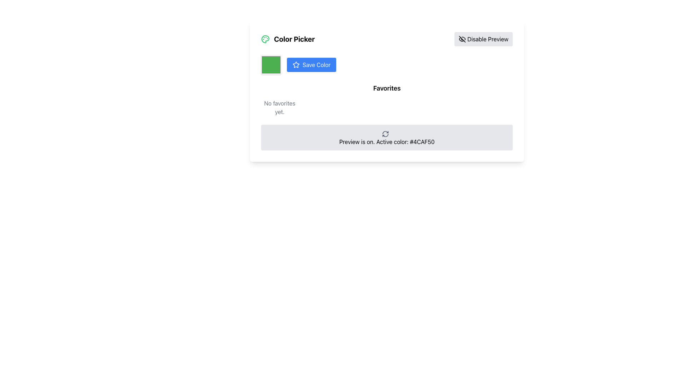 The width and height of the screenshot is (686, 385). I want to click on the top-left curved line segment of the circular arrow icon, which is represented by a simple gray stroke, so click(385, 132).